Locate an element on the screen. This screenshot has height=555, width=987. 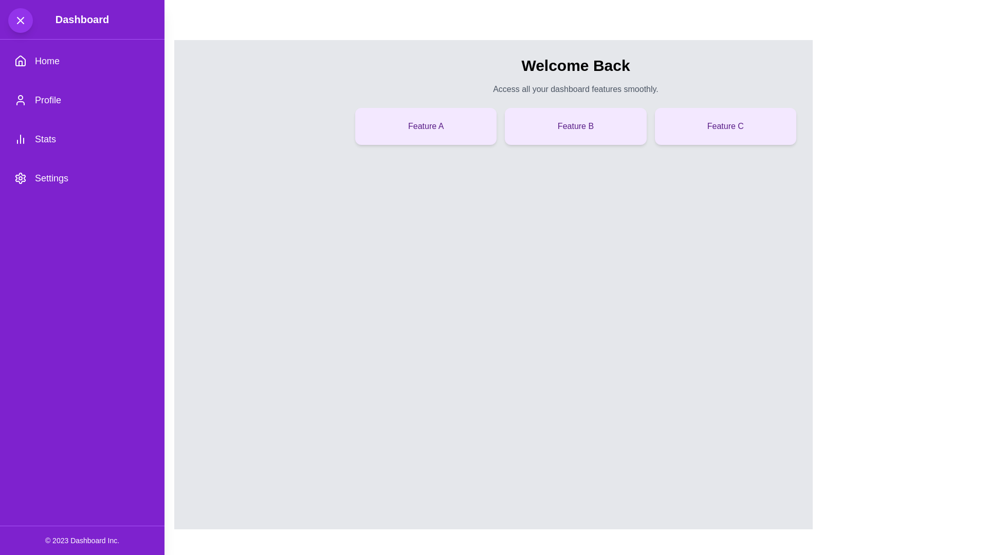
the third text link with an icon in the left navigation bar is located at coordinates (35, 139).